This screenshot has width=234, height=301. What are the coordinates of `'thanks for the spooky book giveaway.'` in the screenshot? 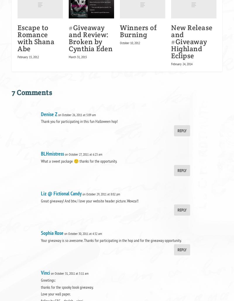 It's located at (67, 287).